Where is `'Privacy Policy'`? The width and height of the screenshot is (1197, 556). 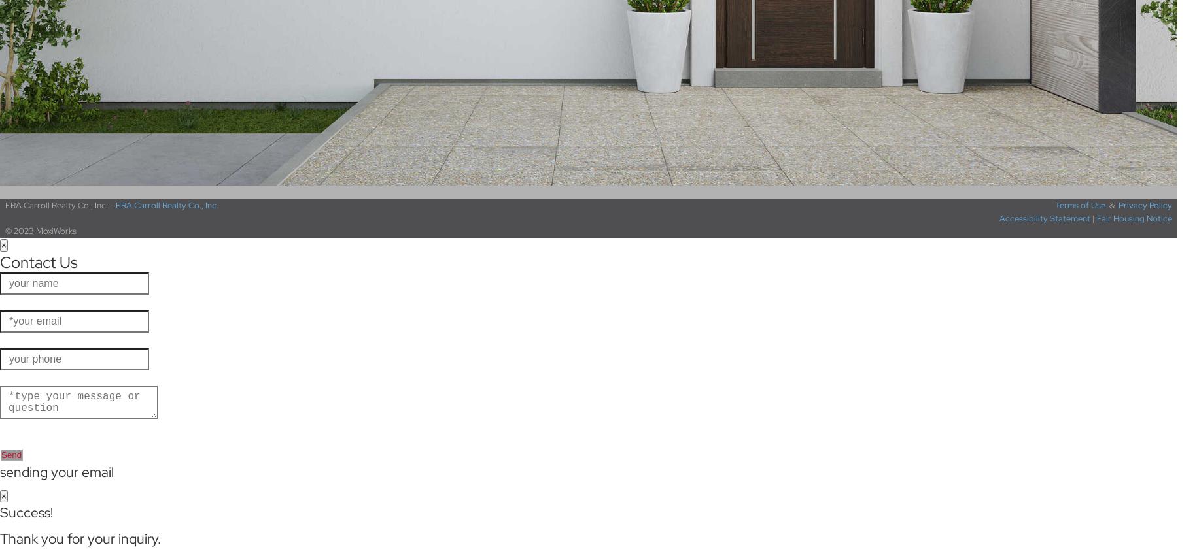
'Privacy Policy' is located at coordinates (1145, 204).